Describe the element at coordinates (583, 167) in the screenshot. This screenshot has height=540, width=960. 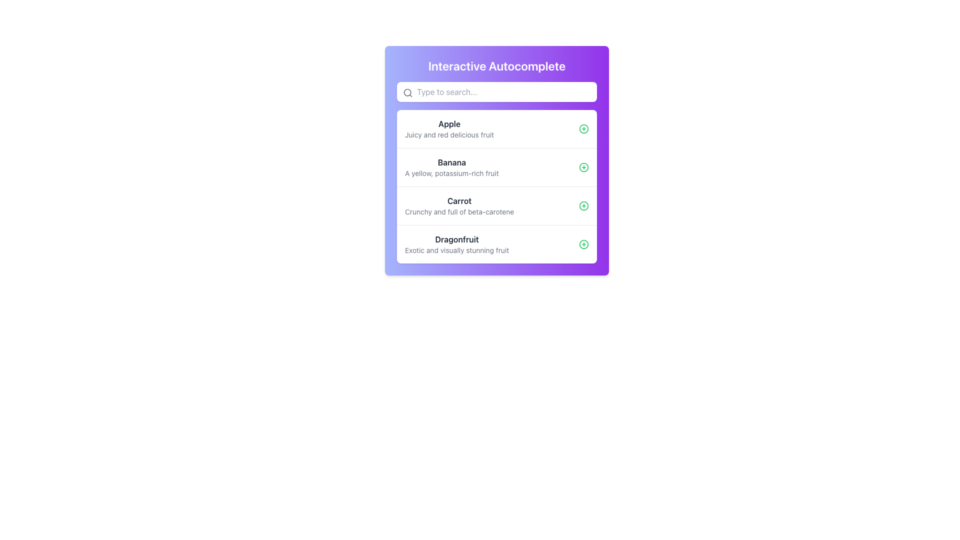
I see `the circular green-bordered button with a '+' symbol adjacent to the 'Banana' text` at that location.